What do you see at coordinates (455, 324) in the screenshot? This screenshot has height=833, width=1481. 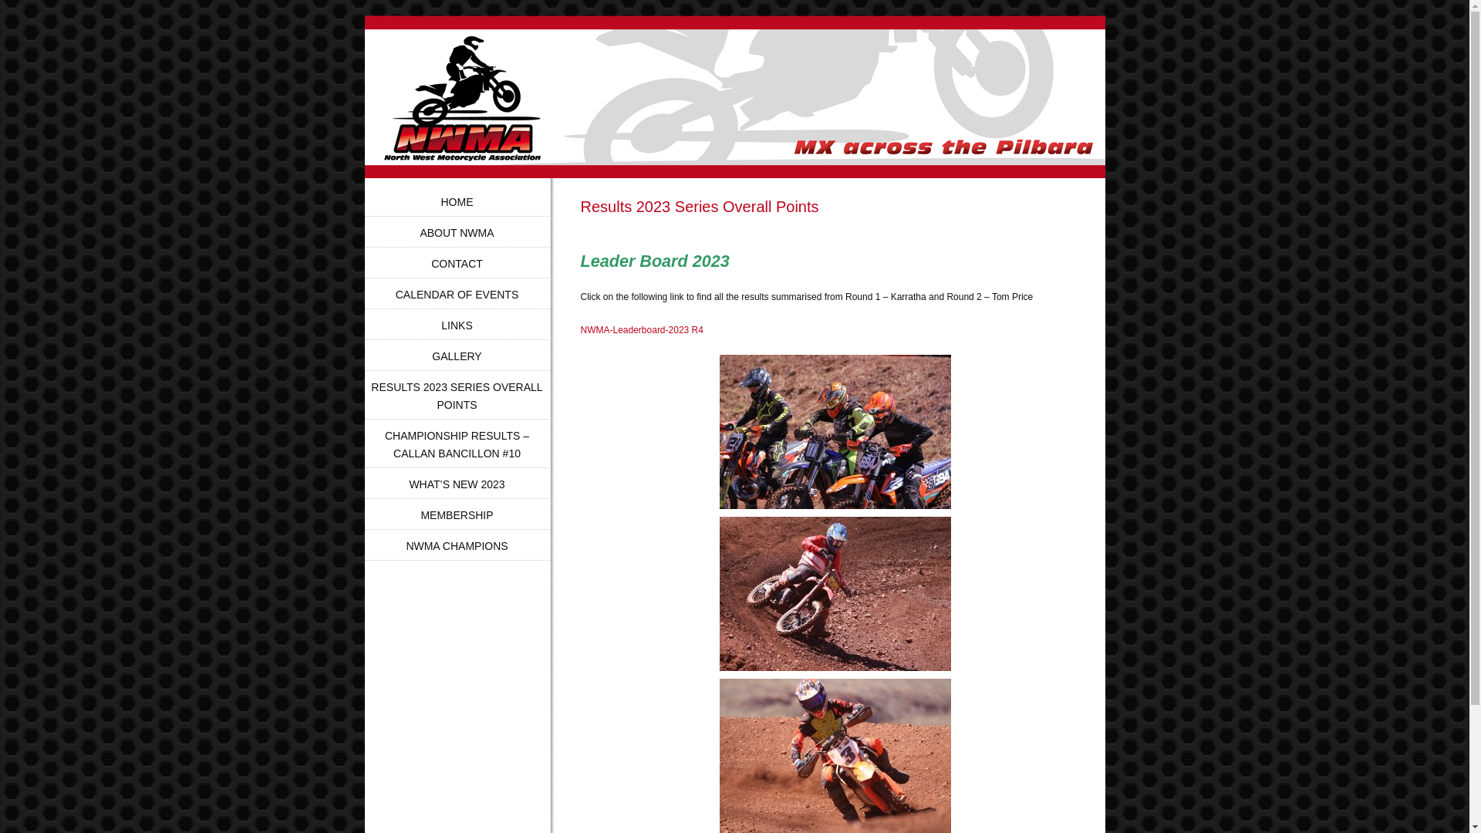 I see `'LINKS'` at bounding box center [455, 324].